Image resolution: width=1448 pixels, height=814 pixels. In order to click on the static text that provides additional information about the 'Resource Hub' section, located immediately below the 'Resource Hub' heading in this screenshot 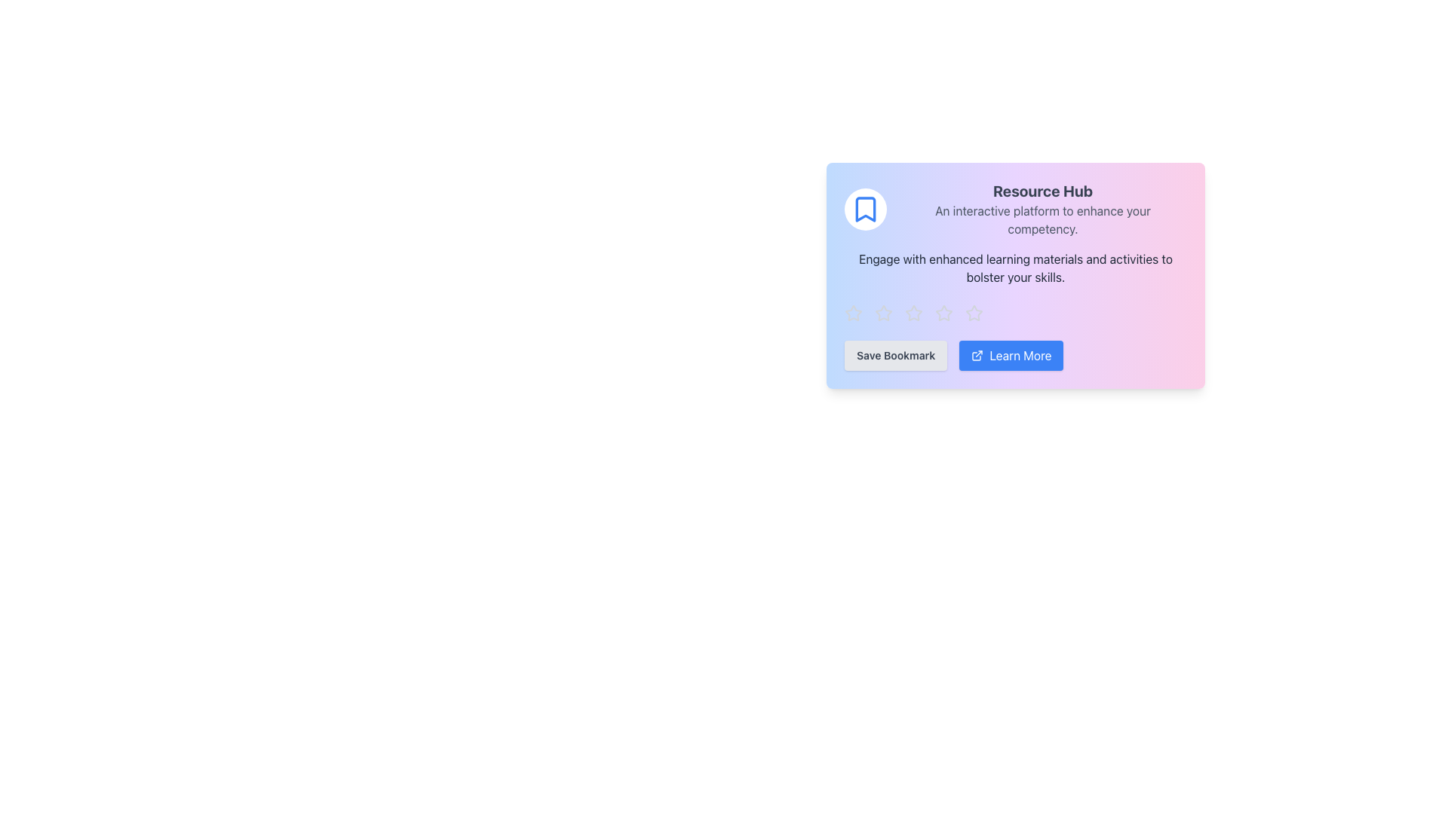, I will do `click(1042, 220)`.